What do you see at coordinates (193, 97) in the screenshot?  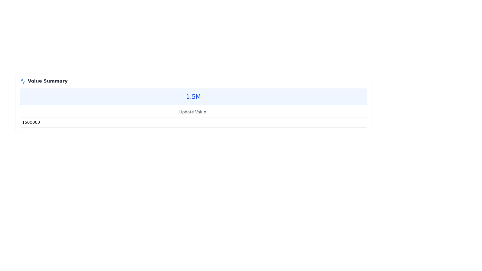 I see `the text display element with the text '1.5M' that has a light blue background and is centrally located under the heading 'Value Summary'` at bounding box center [193, 97].